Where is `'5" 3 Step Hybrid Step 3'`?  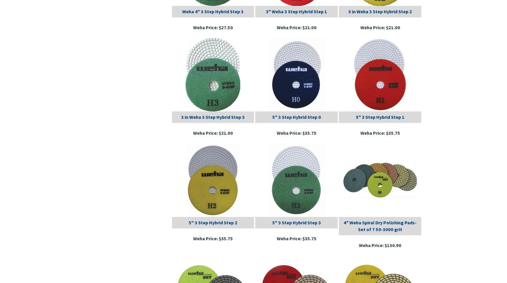
'5" 3 Step Hybrid Step 3' is located at coordinates (296, 222).